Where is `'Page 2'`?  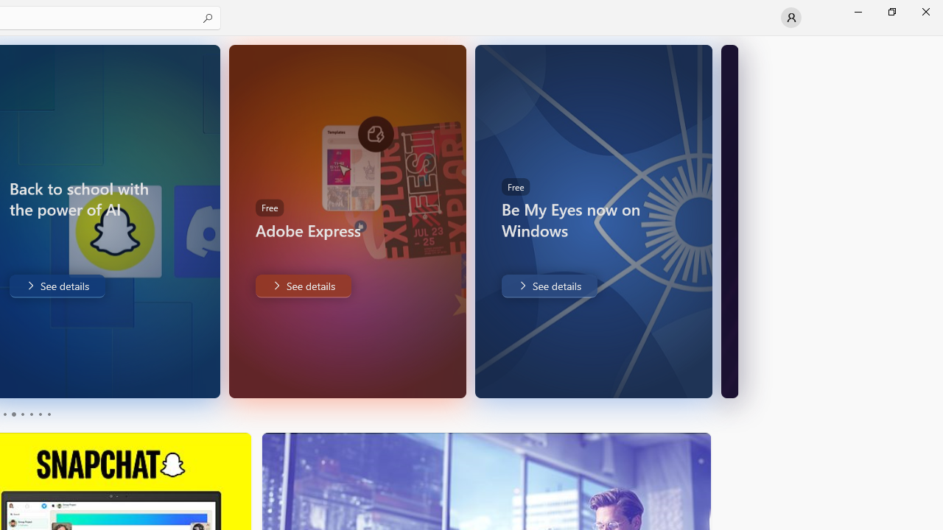 'Page 2' is located at coordinates (13, 414).